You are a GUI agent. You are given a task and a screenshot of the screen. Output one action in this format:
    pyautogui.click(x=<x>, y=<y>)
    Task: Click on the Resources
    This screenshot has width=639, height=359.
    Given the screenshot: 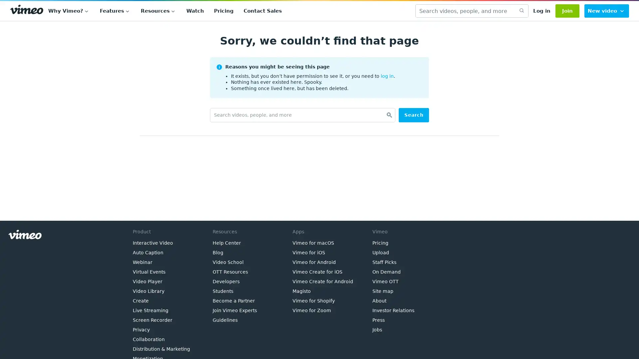 What is the action you would take?
    pyautogui.click(x=158, y=11)
    